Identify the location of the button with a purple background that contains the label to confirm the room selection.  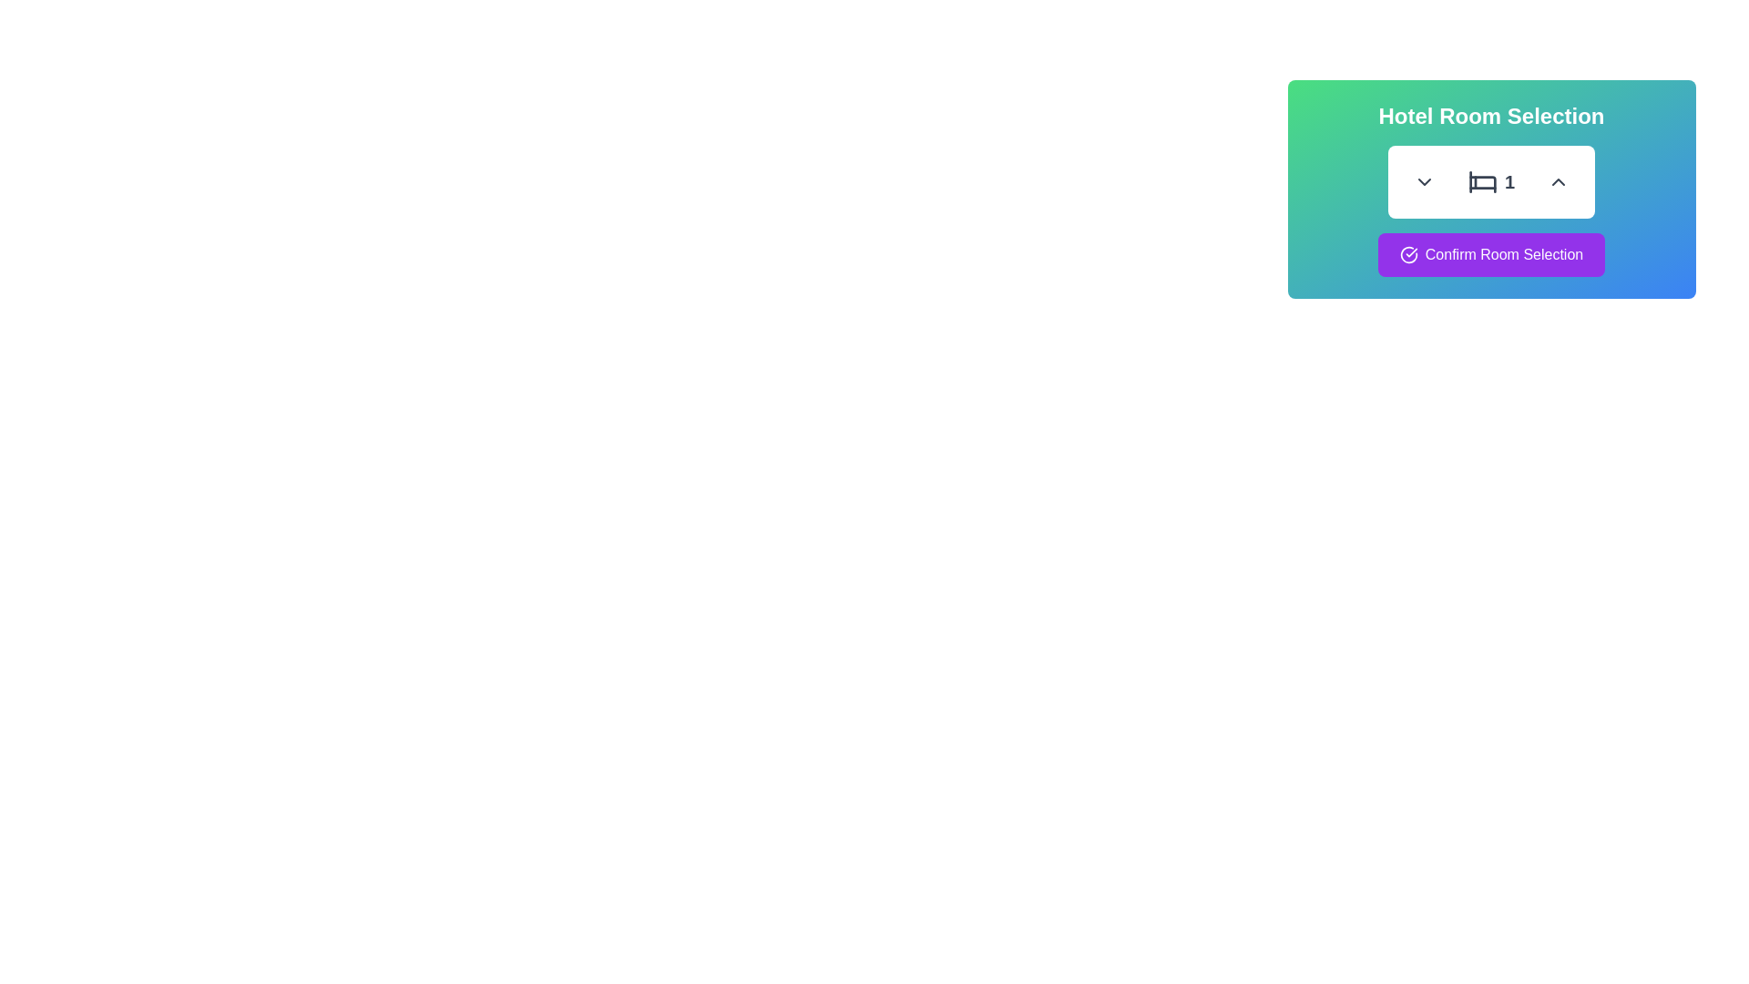
(1504, 255).